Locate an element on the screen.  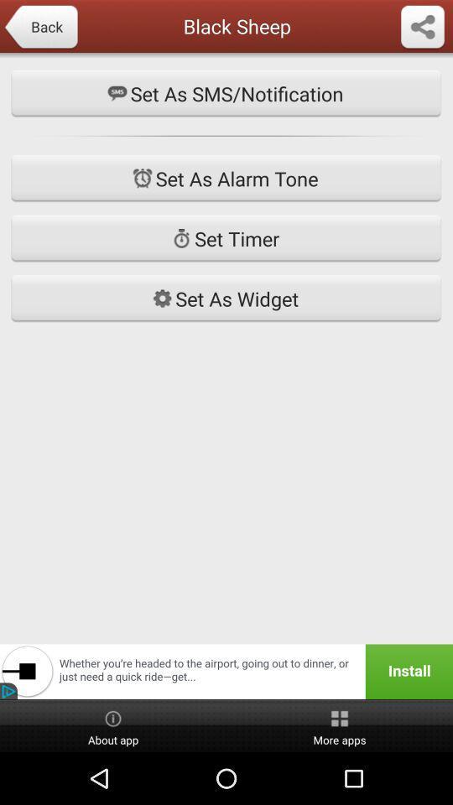
the icon next to the about app button is located at coordinates (340, 725).